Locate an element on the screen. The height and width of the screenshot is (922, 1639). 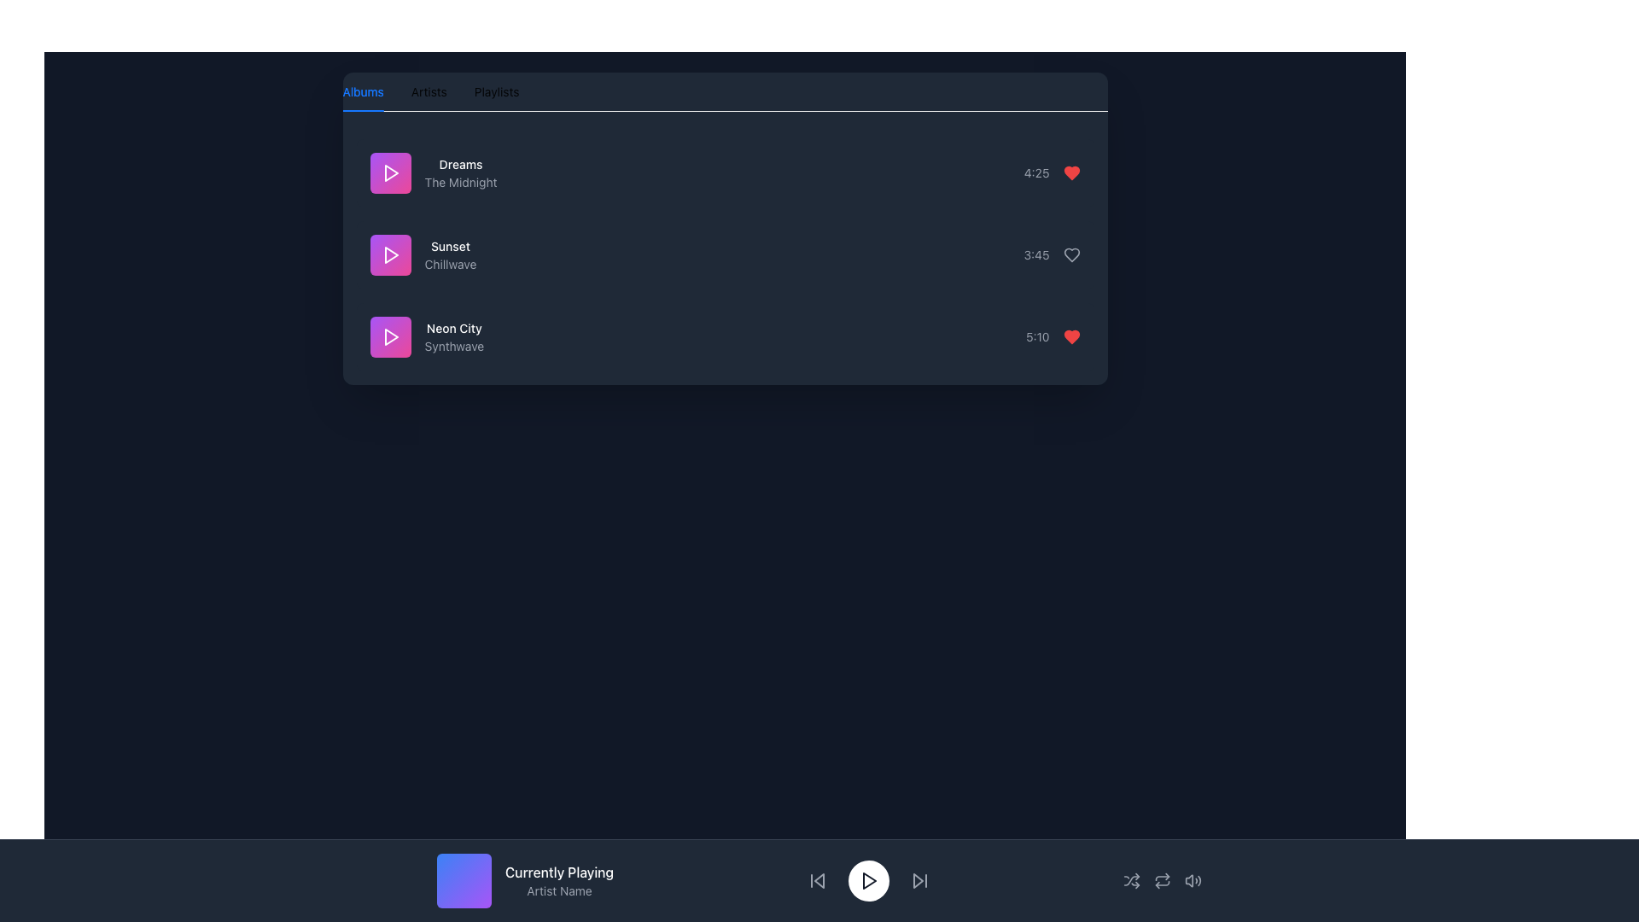
the triangular play icon outlined in white, located in the second item's entry of the playlist to play the 'Sunset' track is located at coordinates (390, 255).